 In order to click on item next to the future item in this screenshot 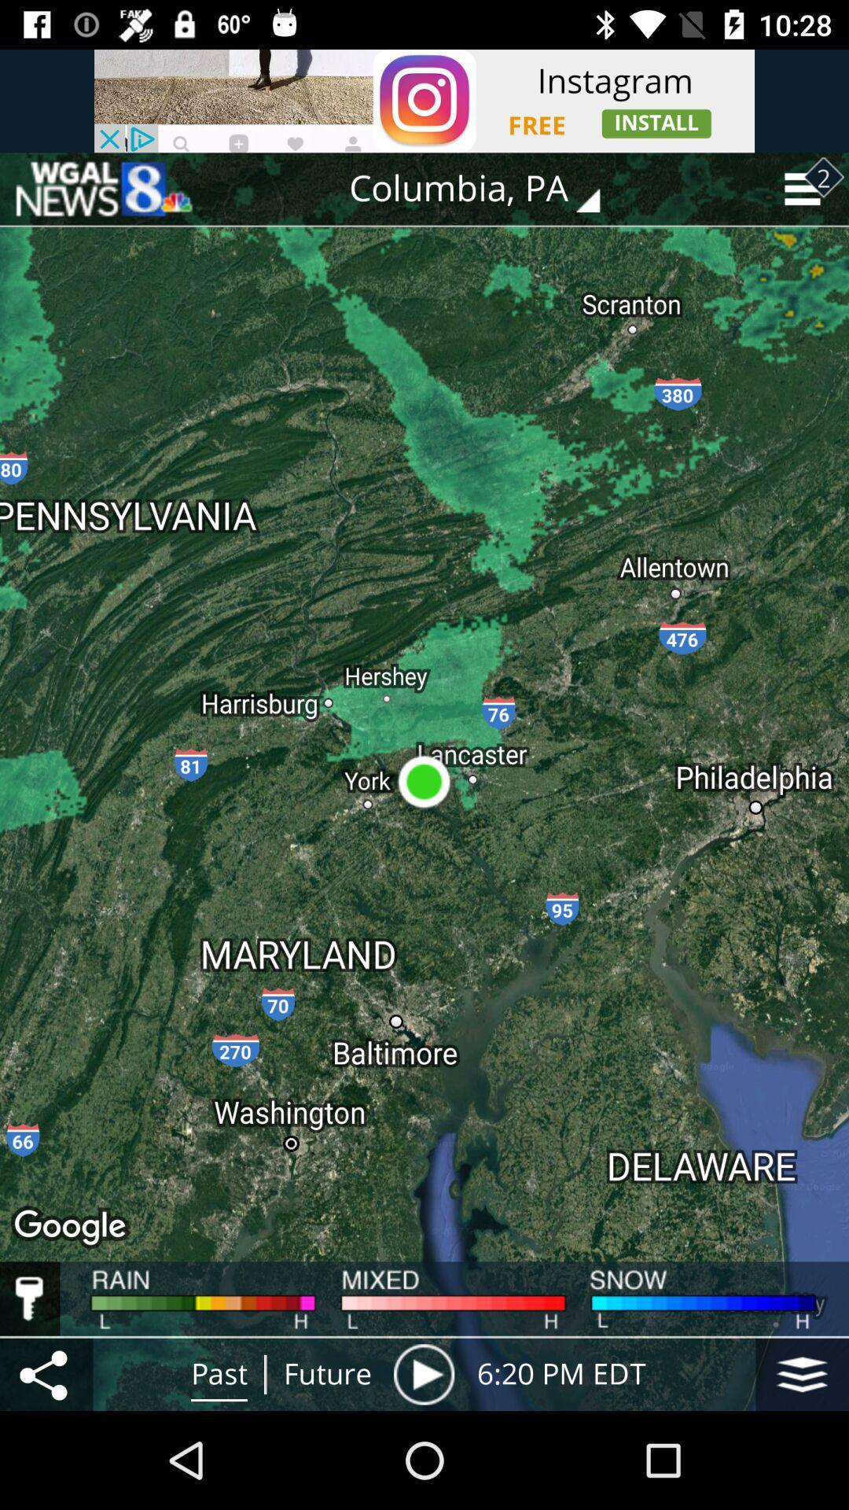, I will do `click(423, 1373)`.